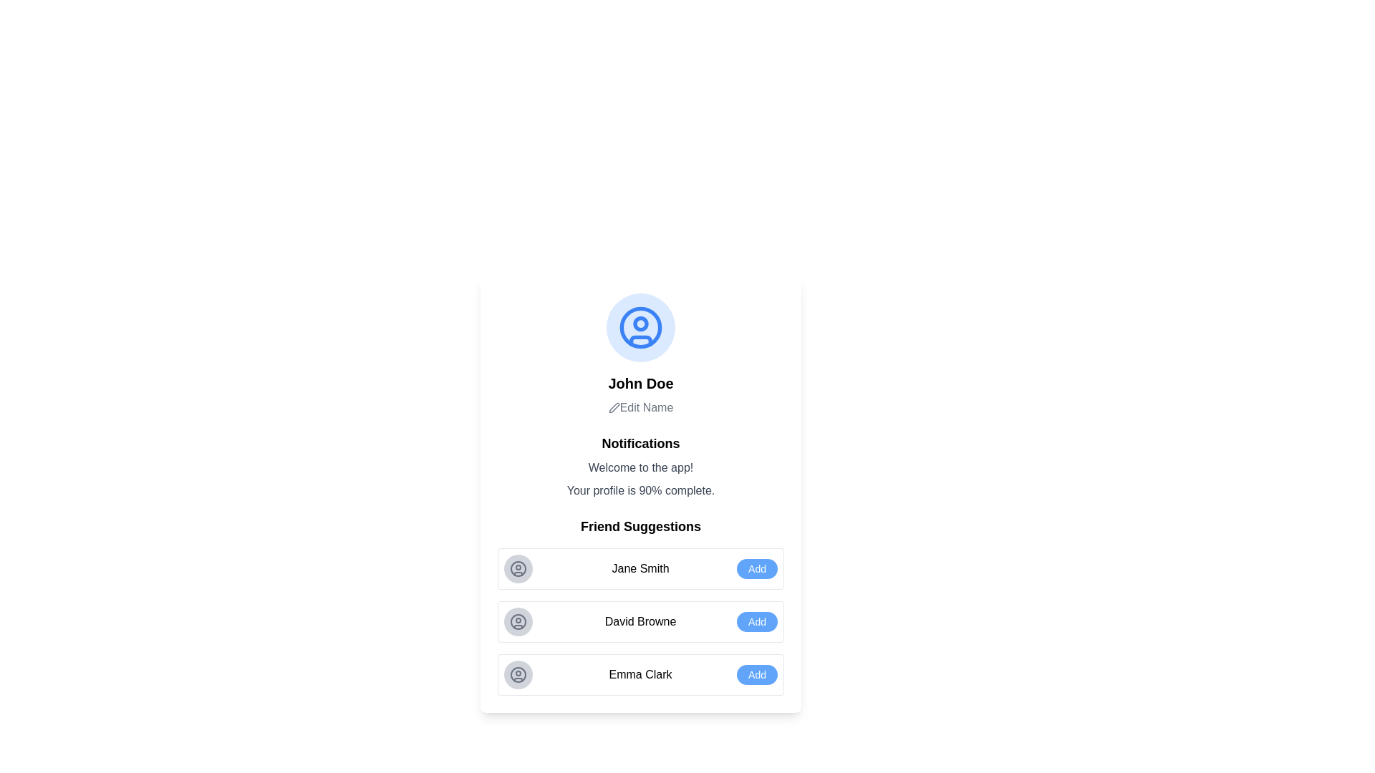 This screenshot has height=773, width=1375. What do you see at coordinates (518, 621) in the screenshot?
I see `the user profile icon associated with the 'David Browne' suggestion located at the leftmost position next to the name text` at bounding box center [518, 621].